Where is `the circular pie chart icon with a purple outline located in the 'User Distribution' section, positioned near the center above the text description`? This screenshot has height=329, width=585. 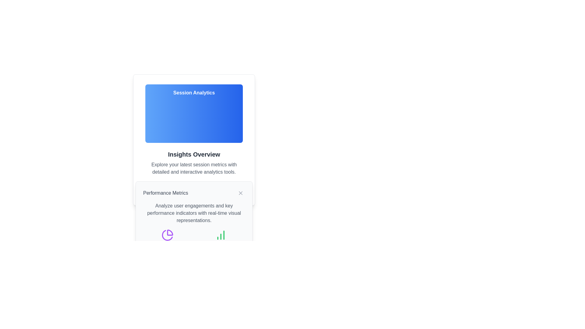
the circular pie chart icon with a purple outline located in the 'User Distribution' section, positioned near the center above the text description is located at coordinates (167, 235).